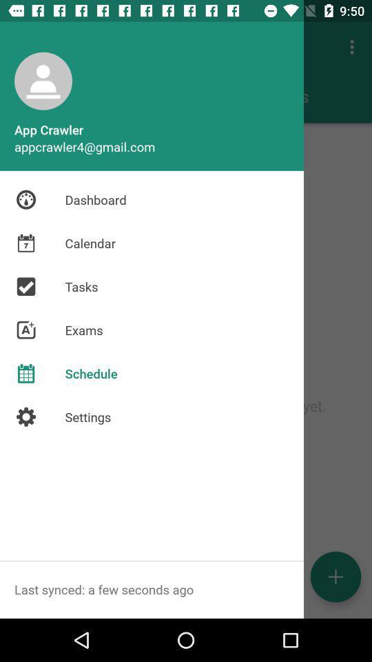 Image resolution: width=372 pixels, height=662 pixels. Describe the element at coordinates (354, 47) in the screenshot. I see `3 dots` at that location.